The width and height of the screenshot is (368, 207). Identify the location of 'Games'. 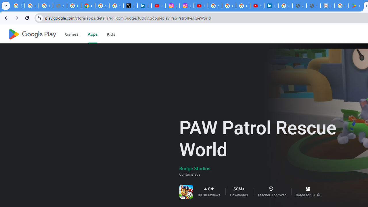
(71, 34).